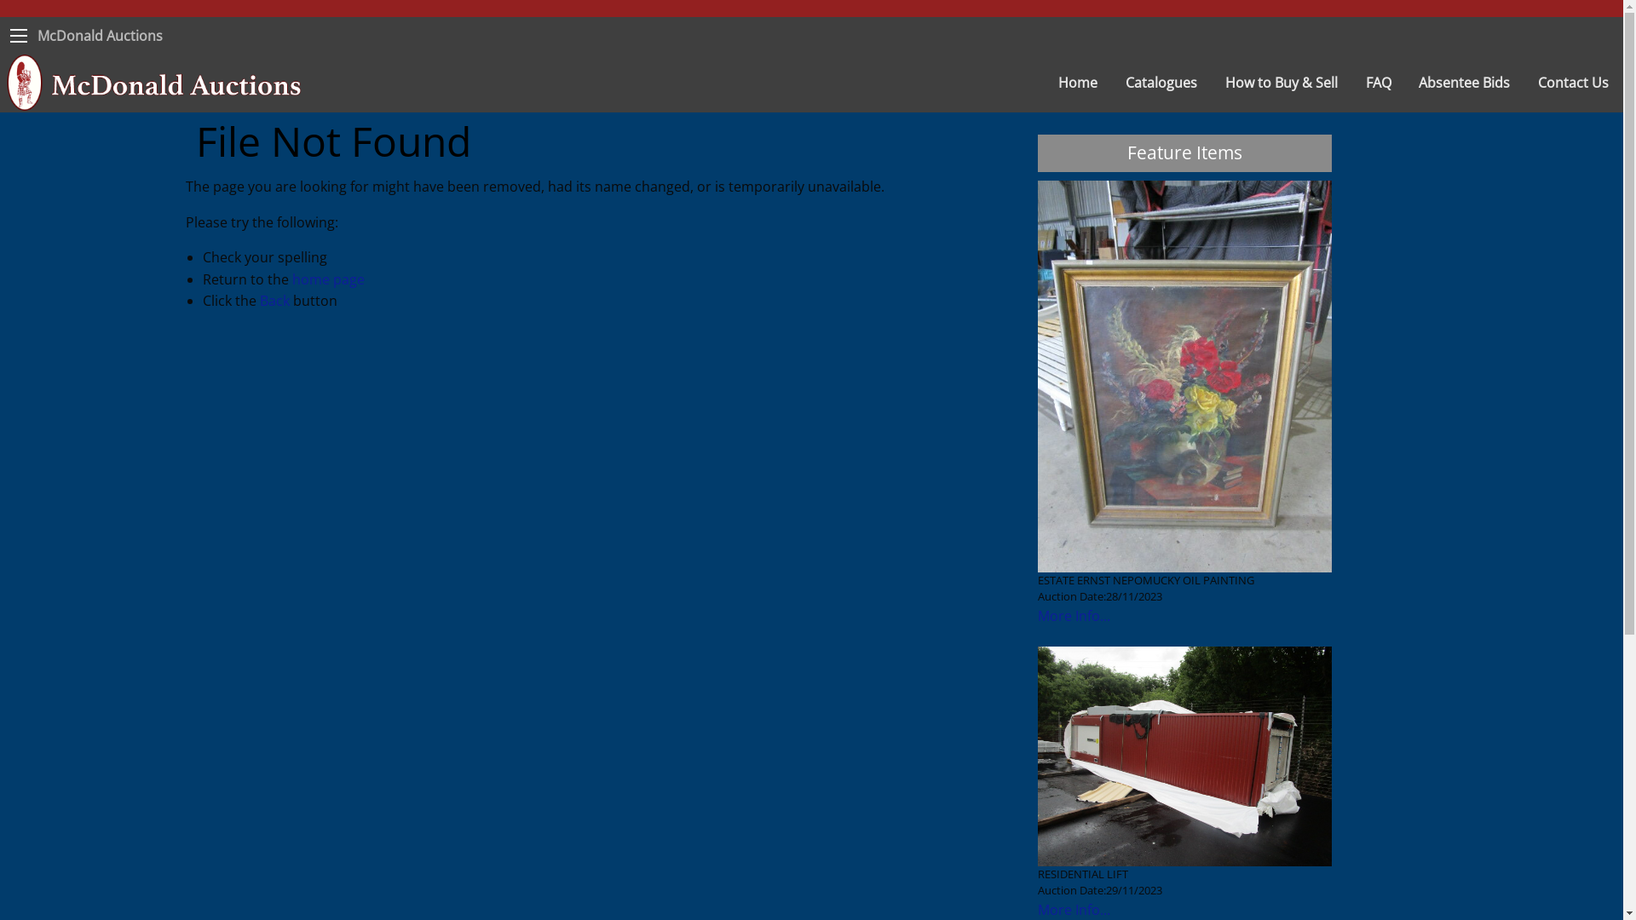  Describe the element at coordinates (327, 278) in the screenshot. I see `'home page'` at that location.